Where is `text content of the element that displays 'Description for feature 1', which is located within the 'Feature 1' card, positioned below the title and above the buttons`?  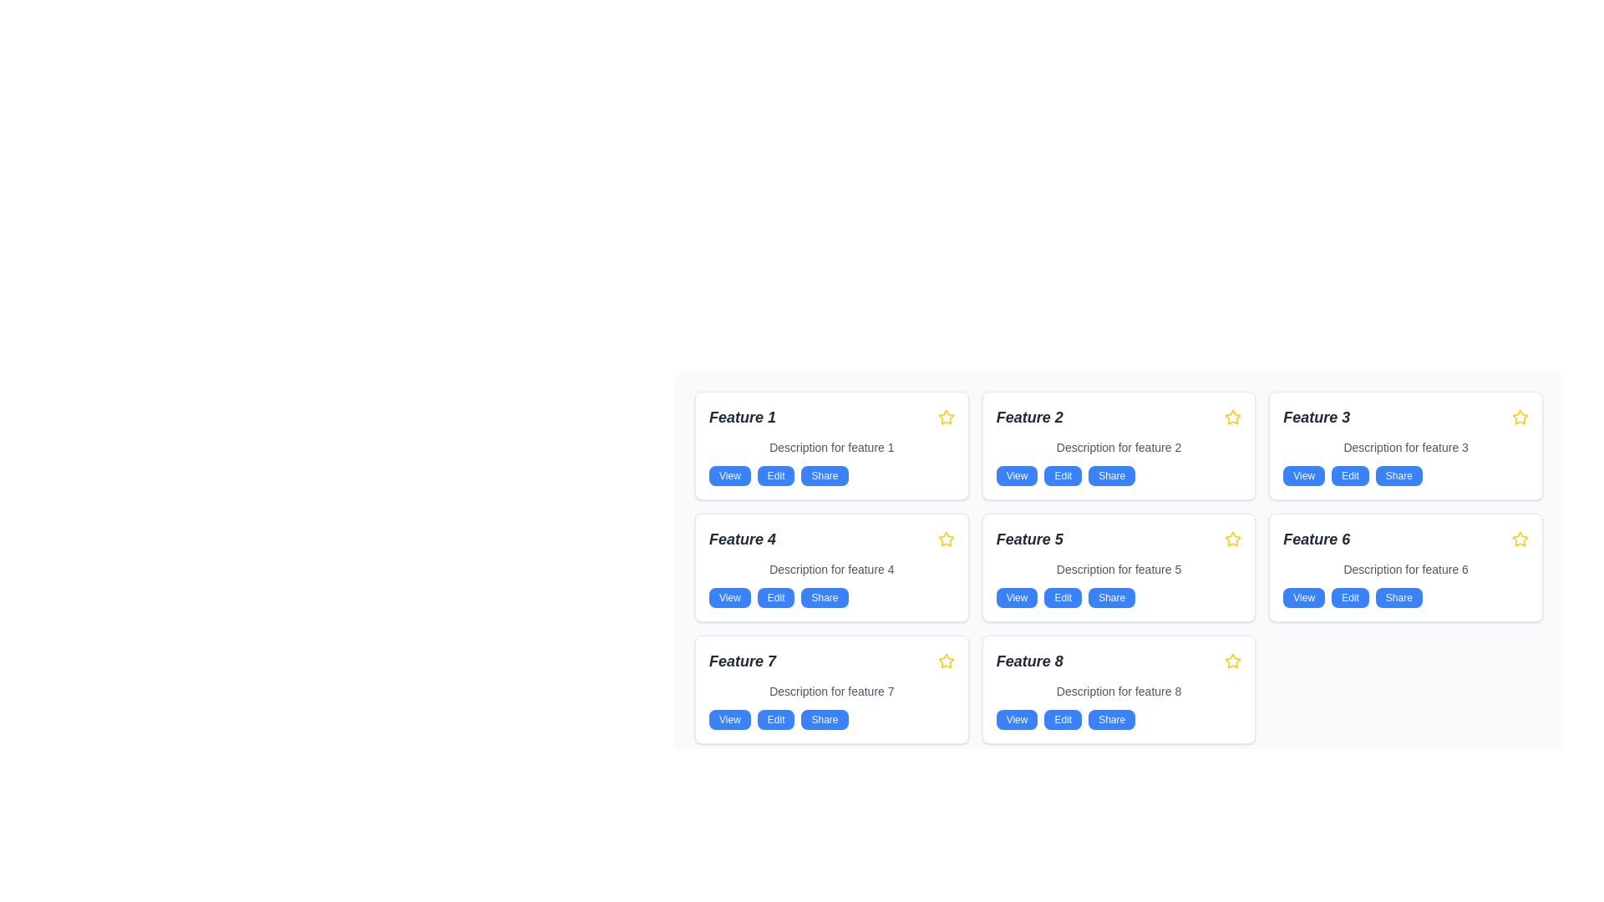
text content of the element that displays 'Description for feature 1', which is located within the 'Feature 1' card, positioned below the title and above the buttons is located at coordinates (831, 447).